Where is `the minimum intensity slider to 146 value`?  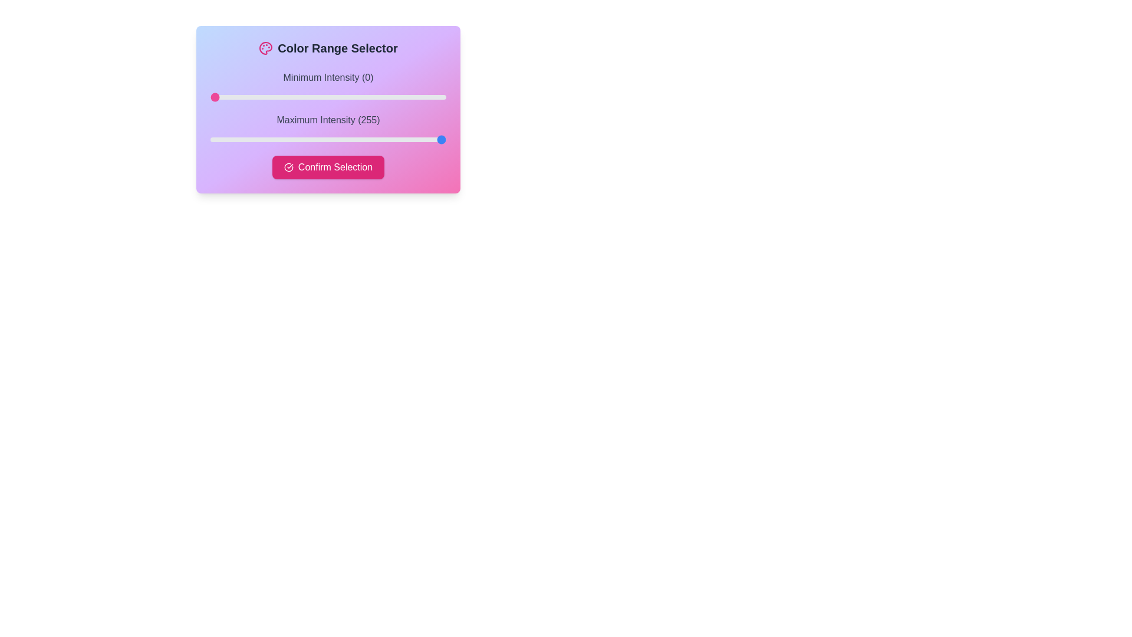
the minimum intensity slider to 146 value is located at coordinates (344, 97).